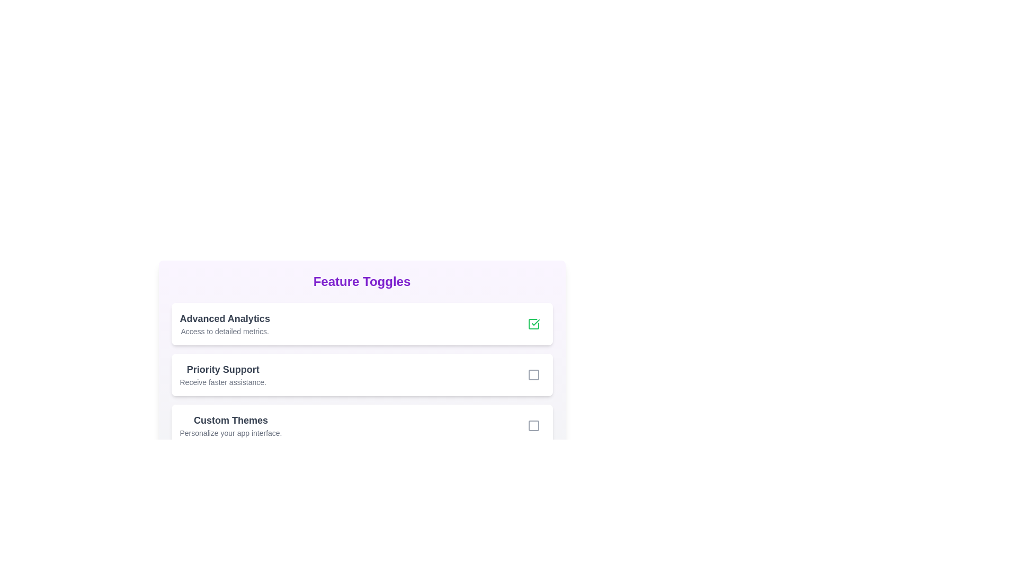 The image size is (1017, 572). Describe the element at coordinates (222, 374) in the screenshot. I see `the 'Priority Support' informational description text, which is the second option in a vertically stacked list of feature options, located below 'Advanced Analytics' and above 'Custom Themes.'` at that location.